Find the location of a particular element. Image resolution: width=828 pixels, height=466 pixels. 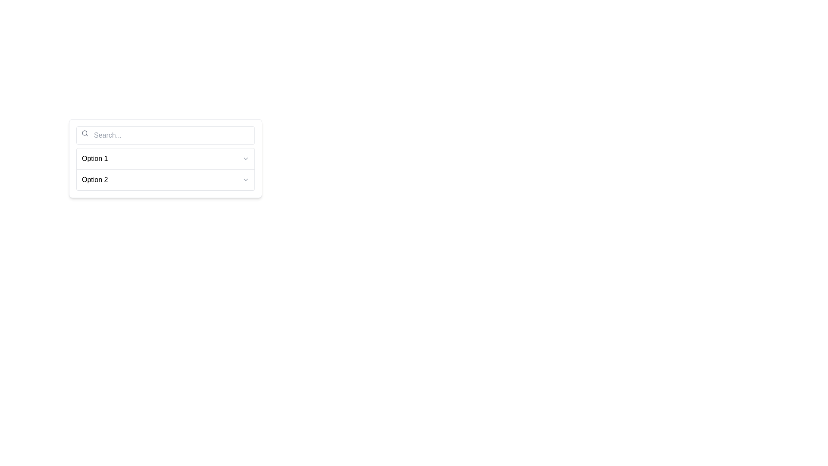

the small gray chevron-down icon located to the right of the 'Option 1' text is located at coordinates (245, 158).